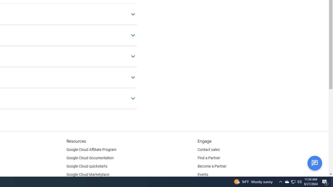 The image size is (333, 187). What do you see at coordinates (90, 158) in the screenshot?
I see `'Google Cloud documentation'` at bounding box center [90, 158].